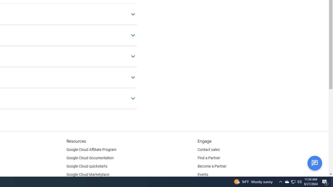 The image size is (333, 187). What do you see at coordinates (90, 158) in the screenshot?
I see `'Google Cloud documentation'` at bounding box center [90, 158].